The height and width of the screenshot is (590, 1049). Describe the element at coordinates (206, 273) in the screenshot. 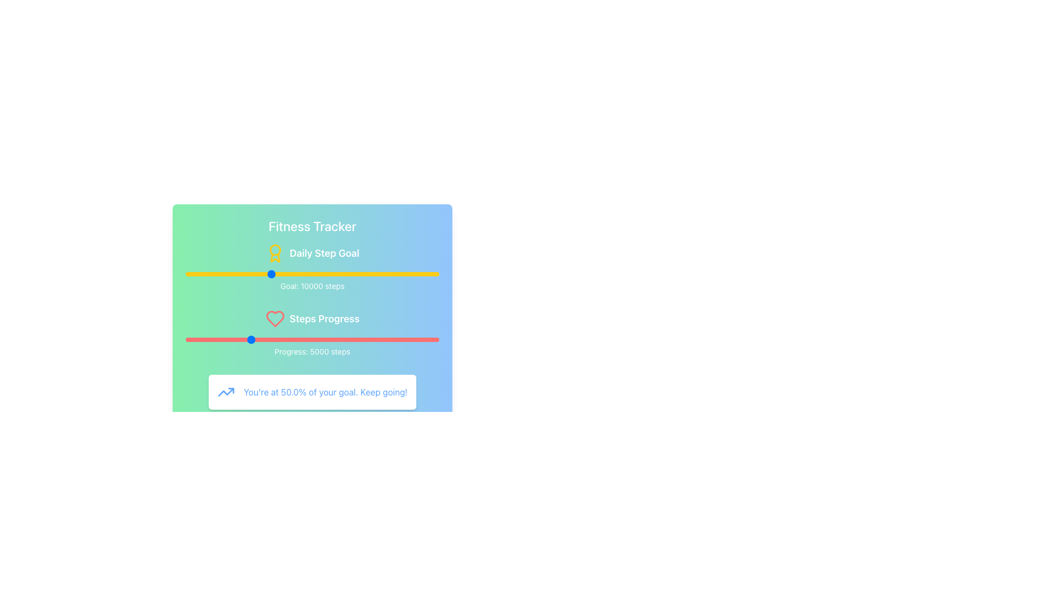

I see `the daily step goal` at that location.